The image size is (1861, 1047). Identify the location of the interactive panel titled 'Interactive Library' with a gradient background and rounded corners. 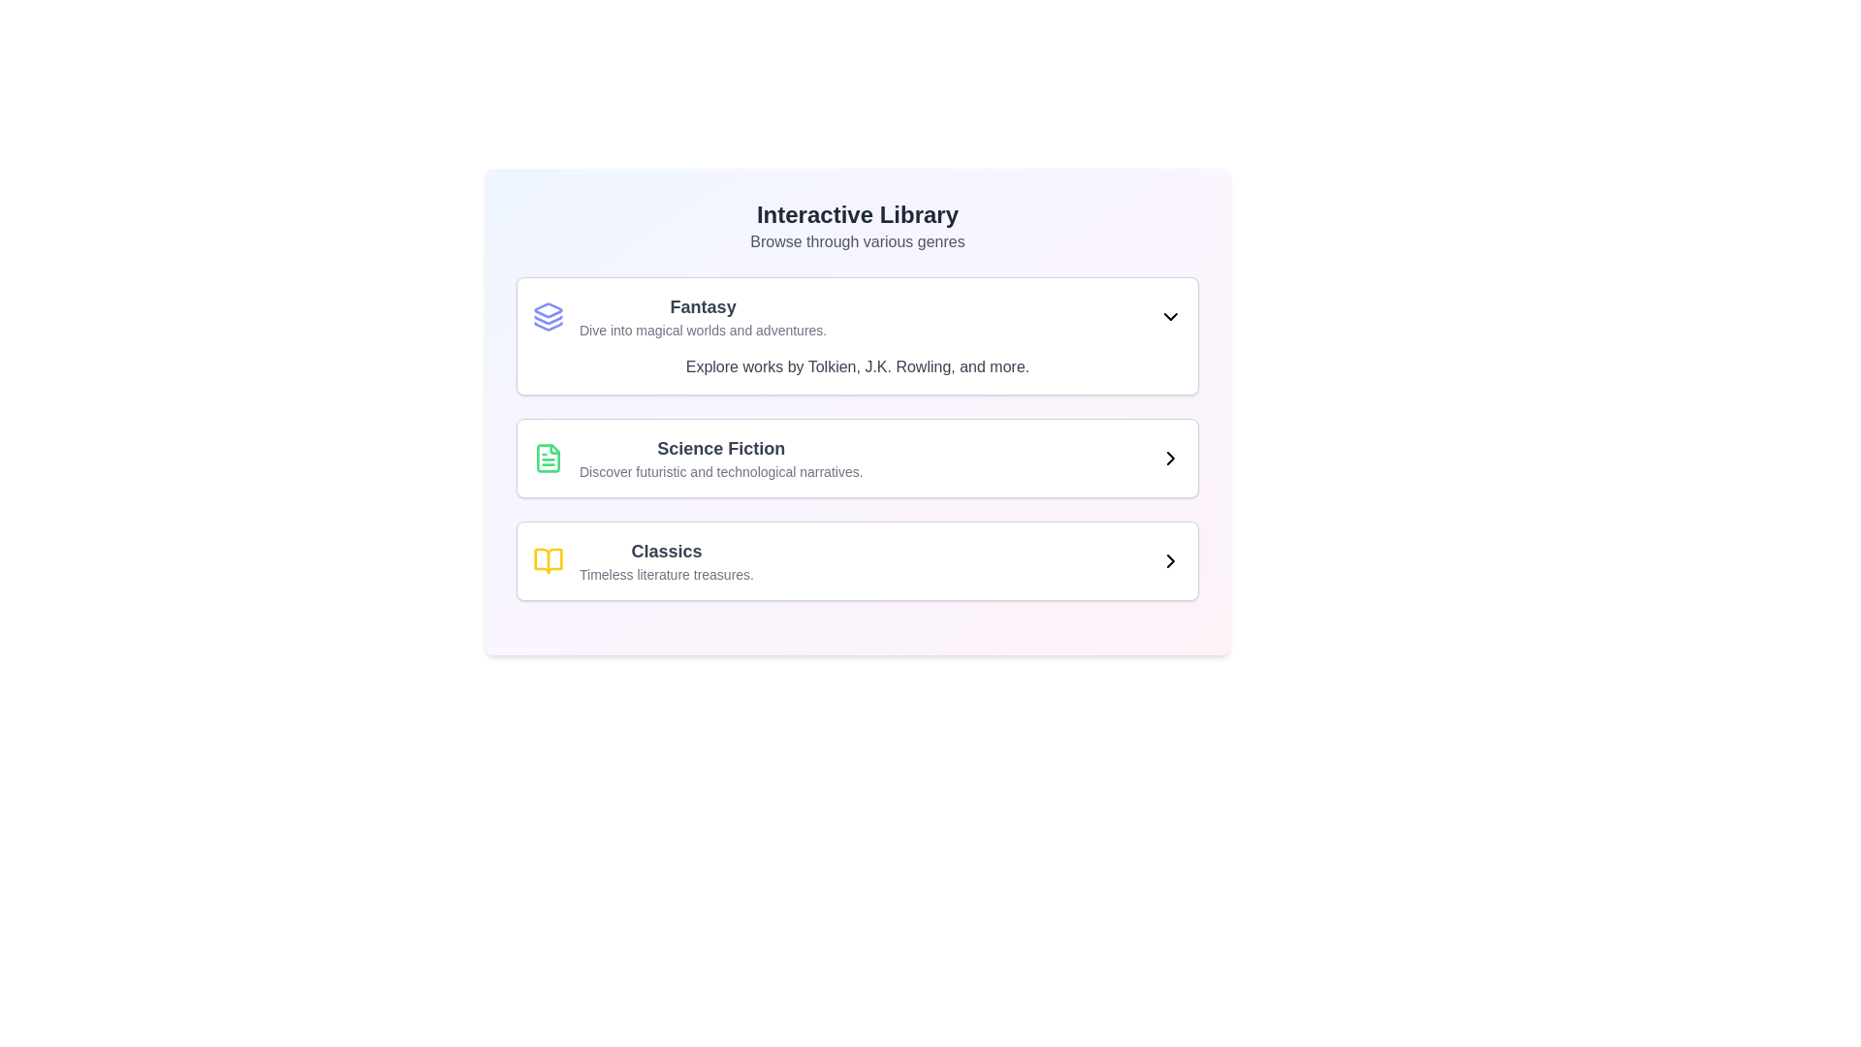
(856, 410).